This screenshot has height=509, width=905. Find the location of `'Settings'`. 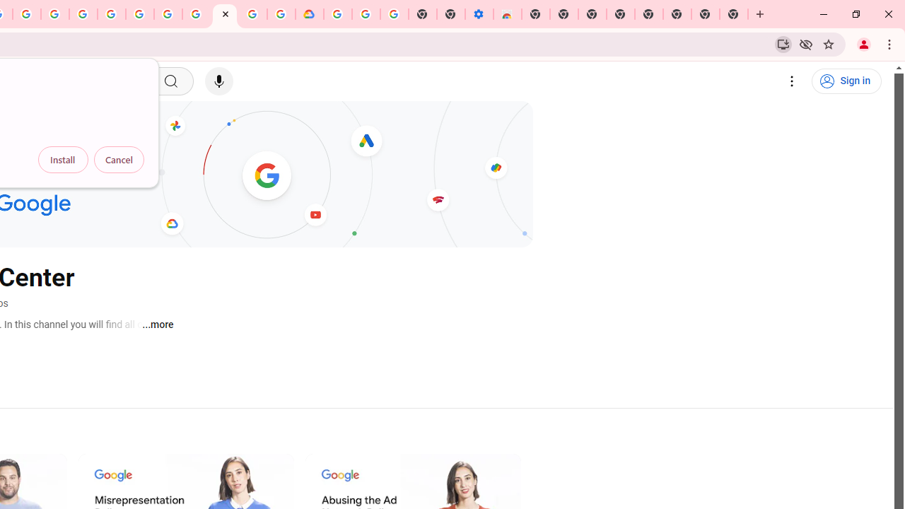

'Settings' is located at coordinates (792, 81).